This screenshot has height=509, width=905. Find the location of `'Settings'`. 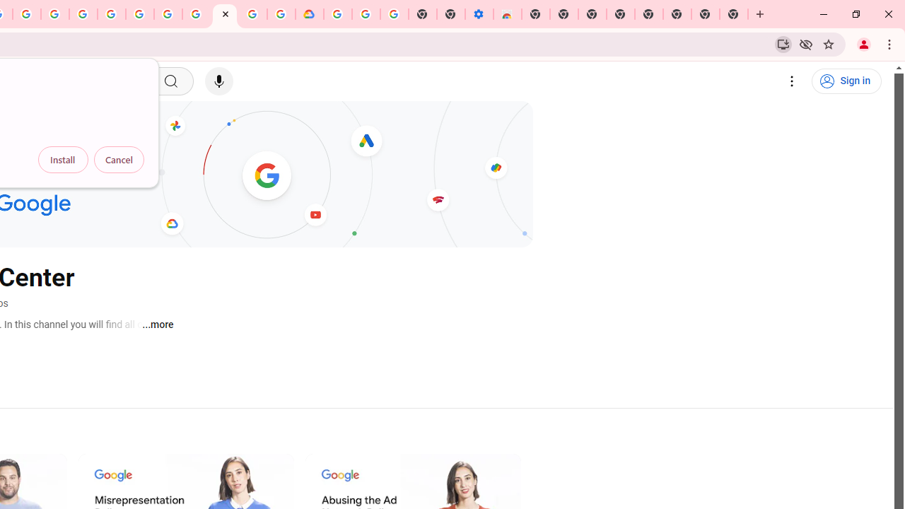

'Settings' is located at coordinates (792, 81).